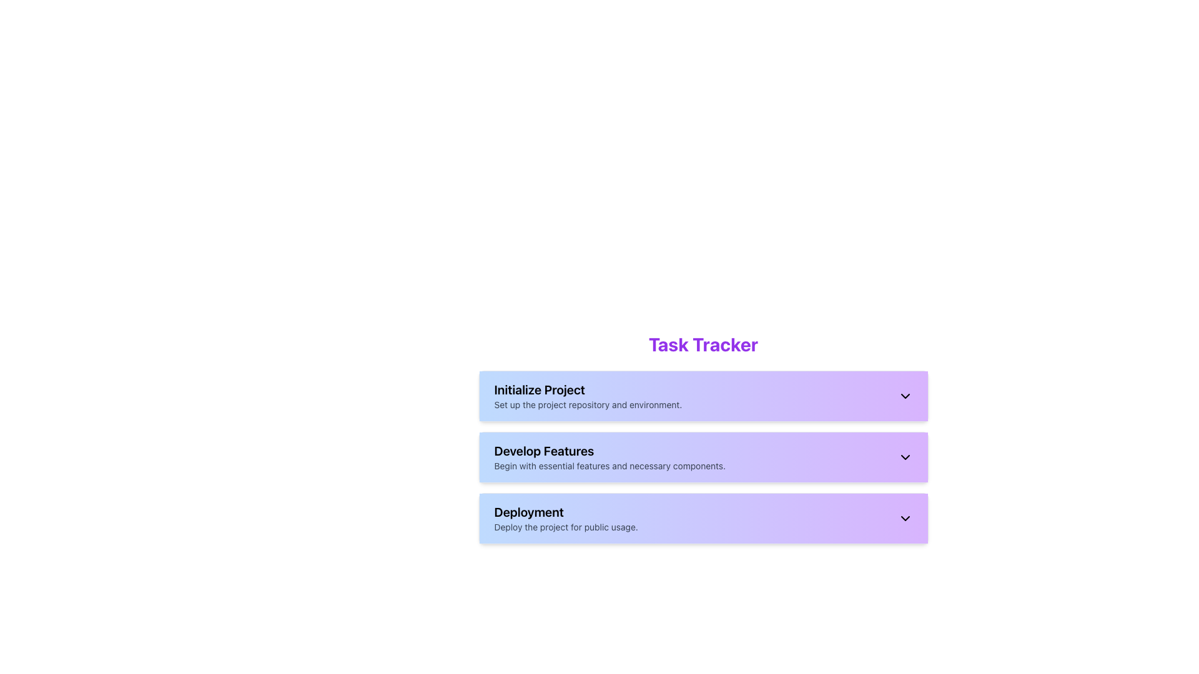 Image resolution: width=1199 pixels, height=674 pixels. What do you see at coordinates (565, 527) in the screenshot?
I see `the text label that reads 'Deploy the project for public usage.' which is styled in a small gray font and located beneath the 'Deployment' heading` at bounding box center [565, 527].